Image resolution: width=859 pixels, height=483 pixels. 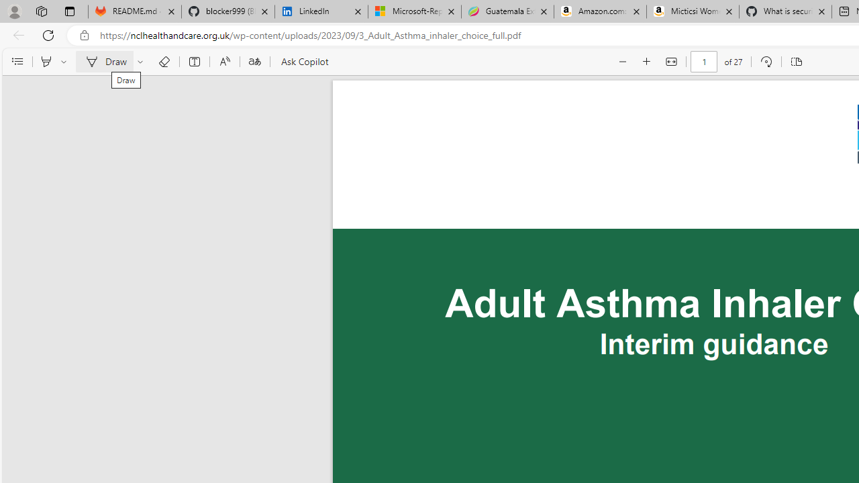 What do you see at coordinates (766, 62) in the screenshot?
I see `'Rotate (Ctrl+])'` at bounding box center [766, 62].